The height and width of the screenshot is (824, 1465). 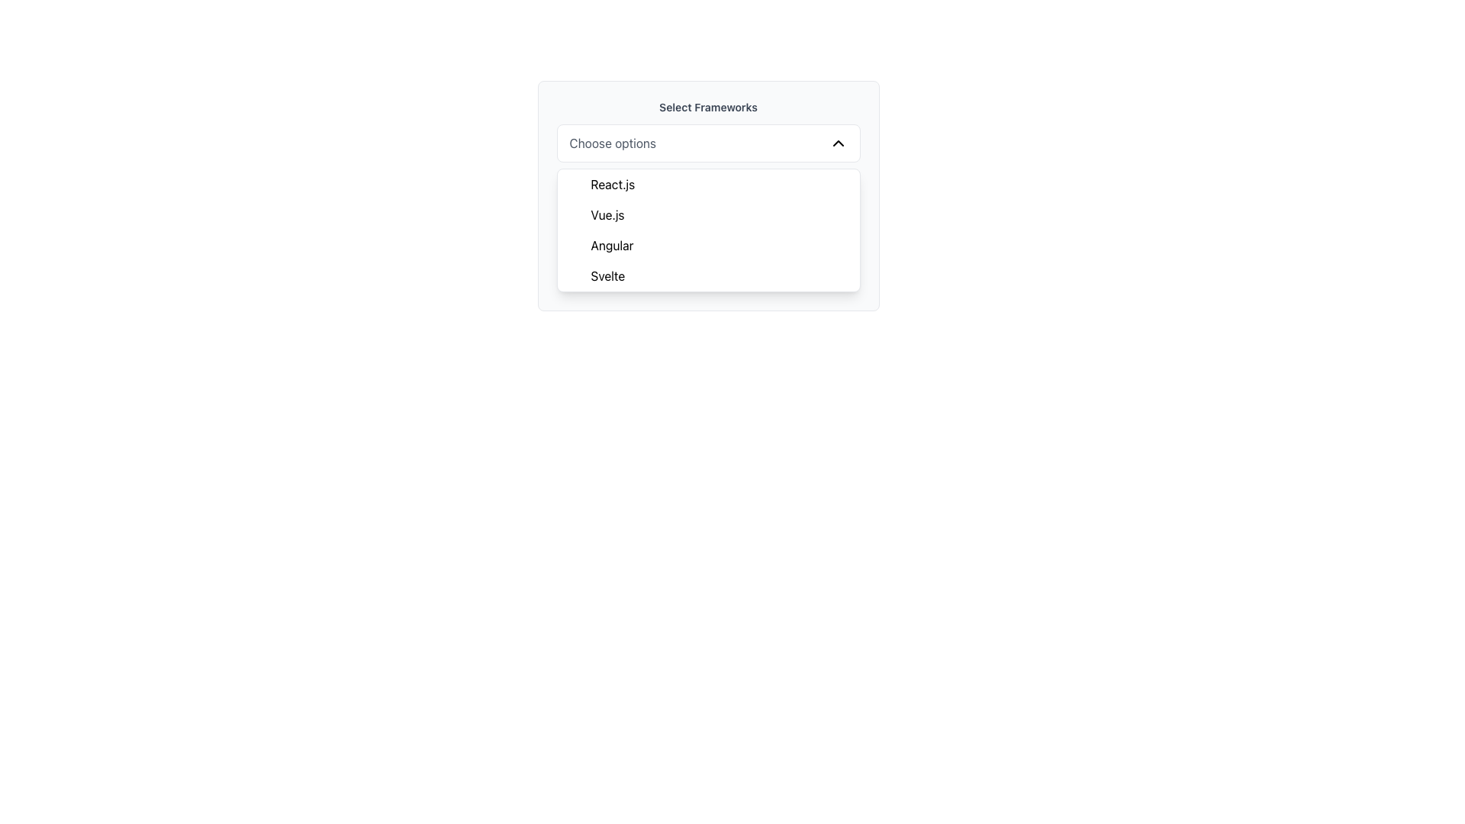 I want to click on the static text label or heading that indicates the purpose of the section for the dropdown and list of framework options, so click(x=707, y=107).